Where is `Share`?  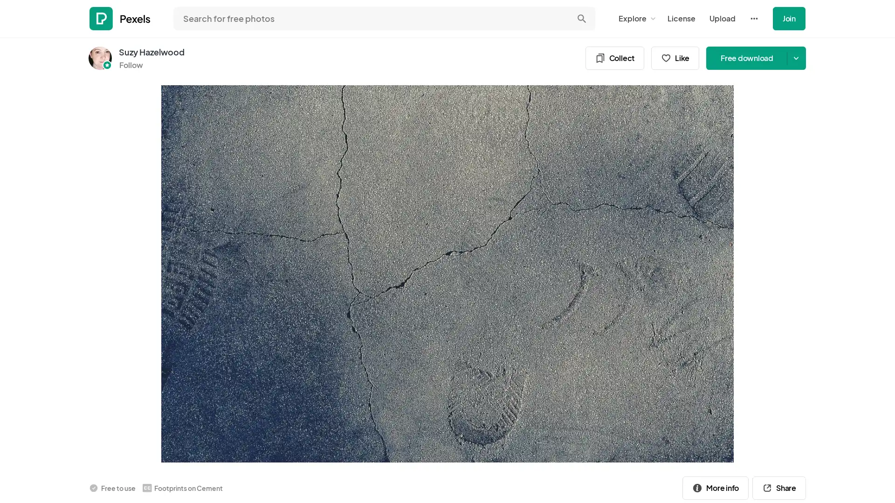 Share is located at coordinates (779, 487).